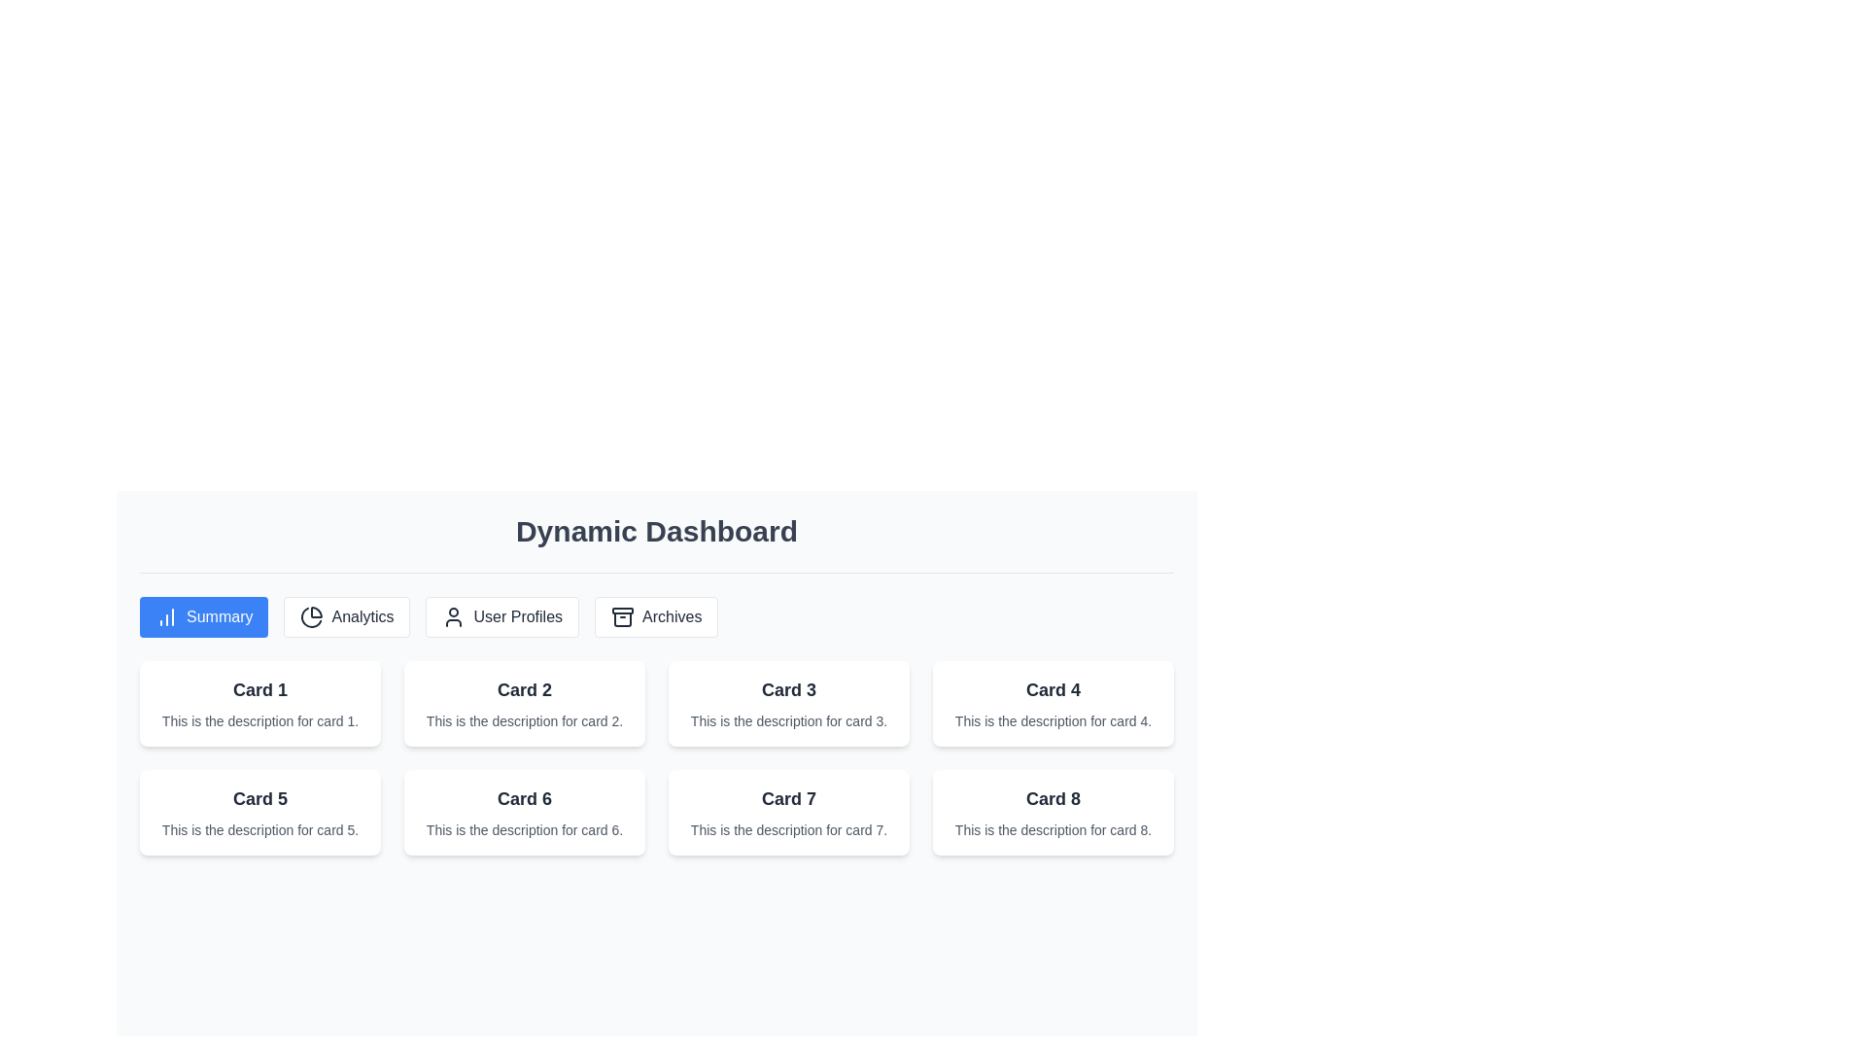  I want to click on the Information card labeled 'Card 2', so click(524, 704).